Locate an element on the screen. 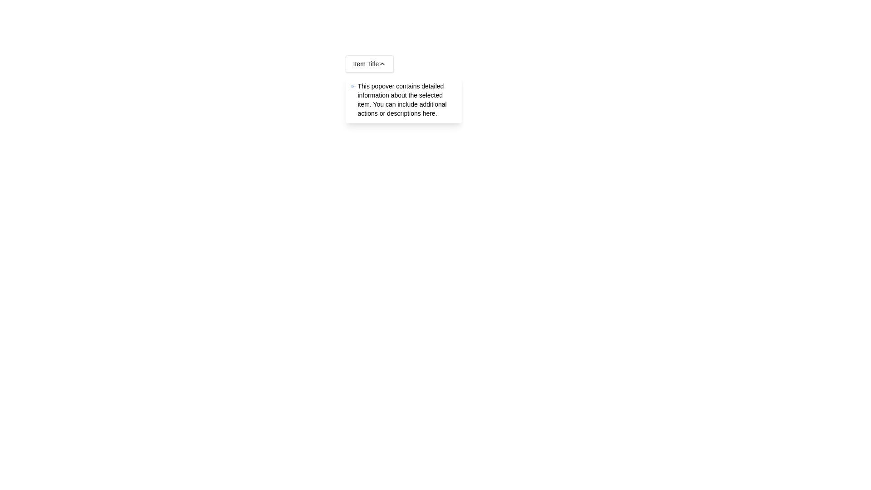 The height and width of the screenshot is (490, 871). the toggle icon located to the right of the 'Item Title' text is located at coordinates (382, 64).